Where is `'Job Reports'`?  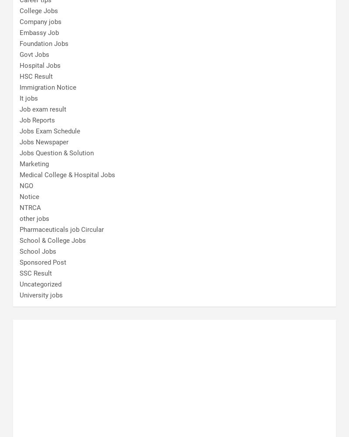 'Job Reports' is located at coordinates (37, 120).